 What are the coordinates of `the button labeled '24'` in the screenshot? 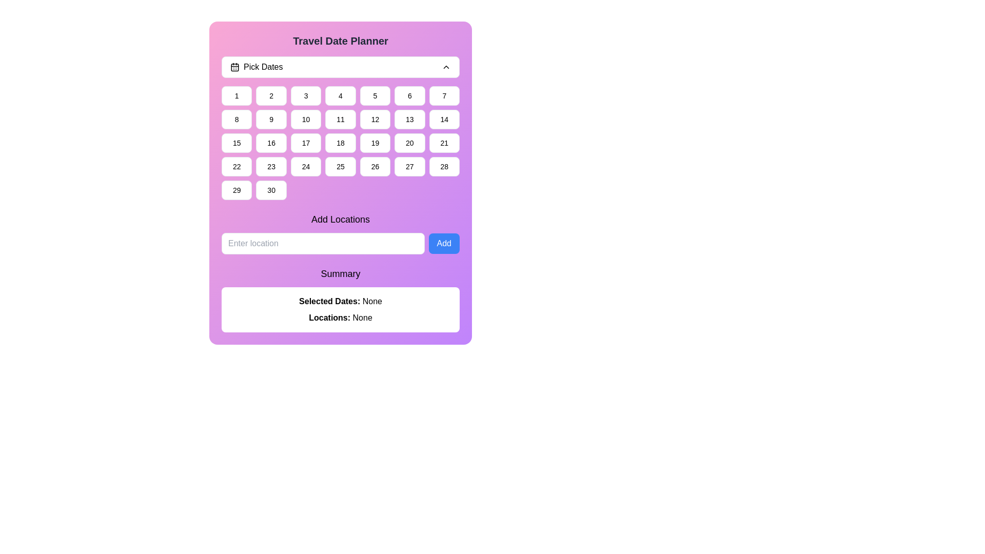 It's located at (305, 166).